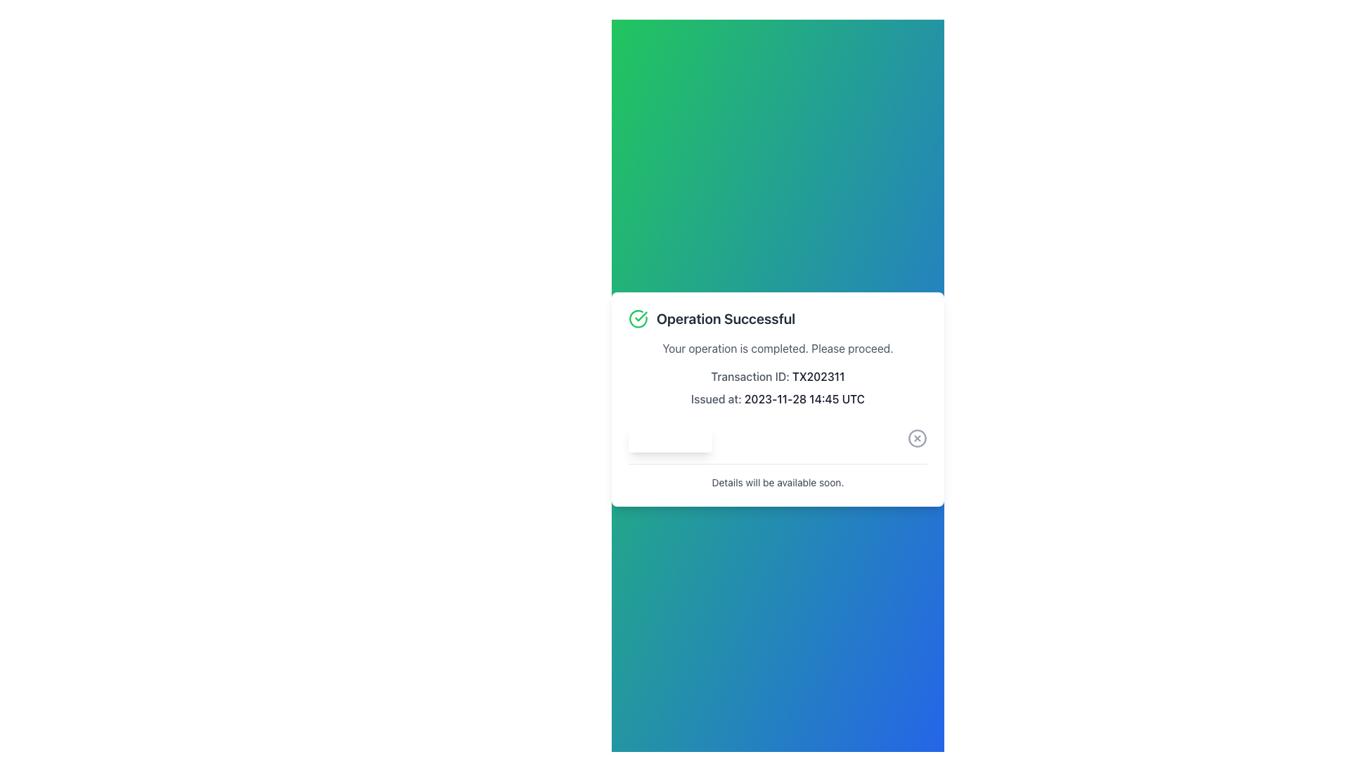 The height and width of the screenshot is (759, 1350). Describe the element at coordinates (777, 375) in the screenshot. I see `transaction ID displayed in the static text label located centrally in the dialog box, just below the title 'Operation Successful'` at that location.